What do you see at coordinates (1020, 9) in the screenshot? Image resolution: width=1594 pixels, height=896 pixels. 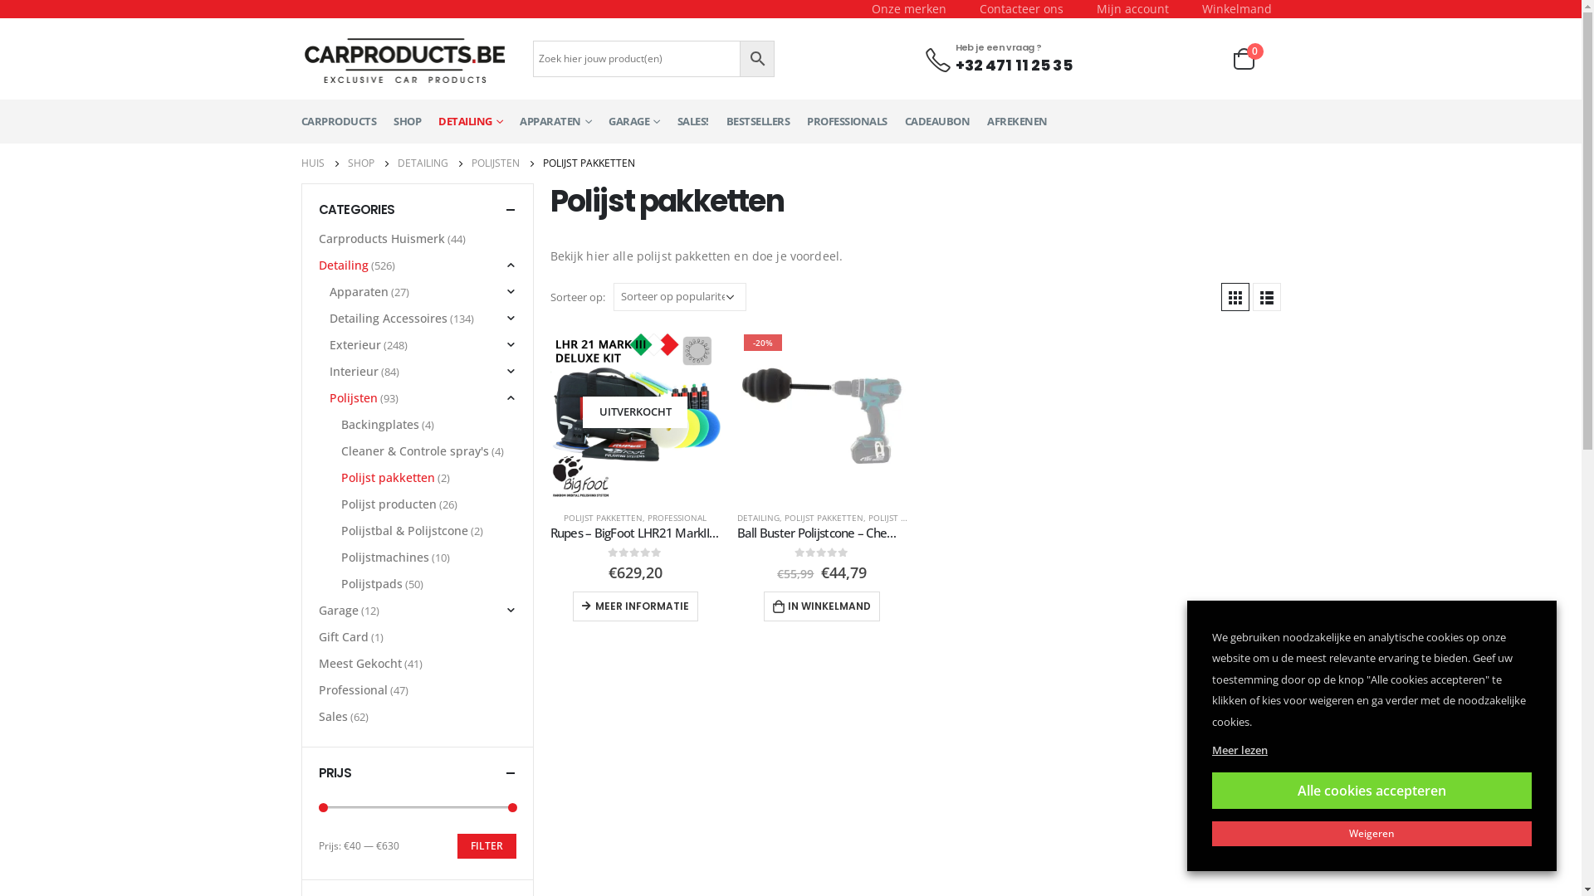 I see `'Contacteer ons'` at bounding box center [1020, 9].